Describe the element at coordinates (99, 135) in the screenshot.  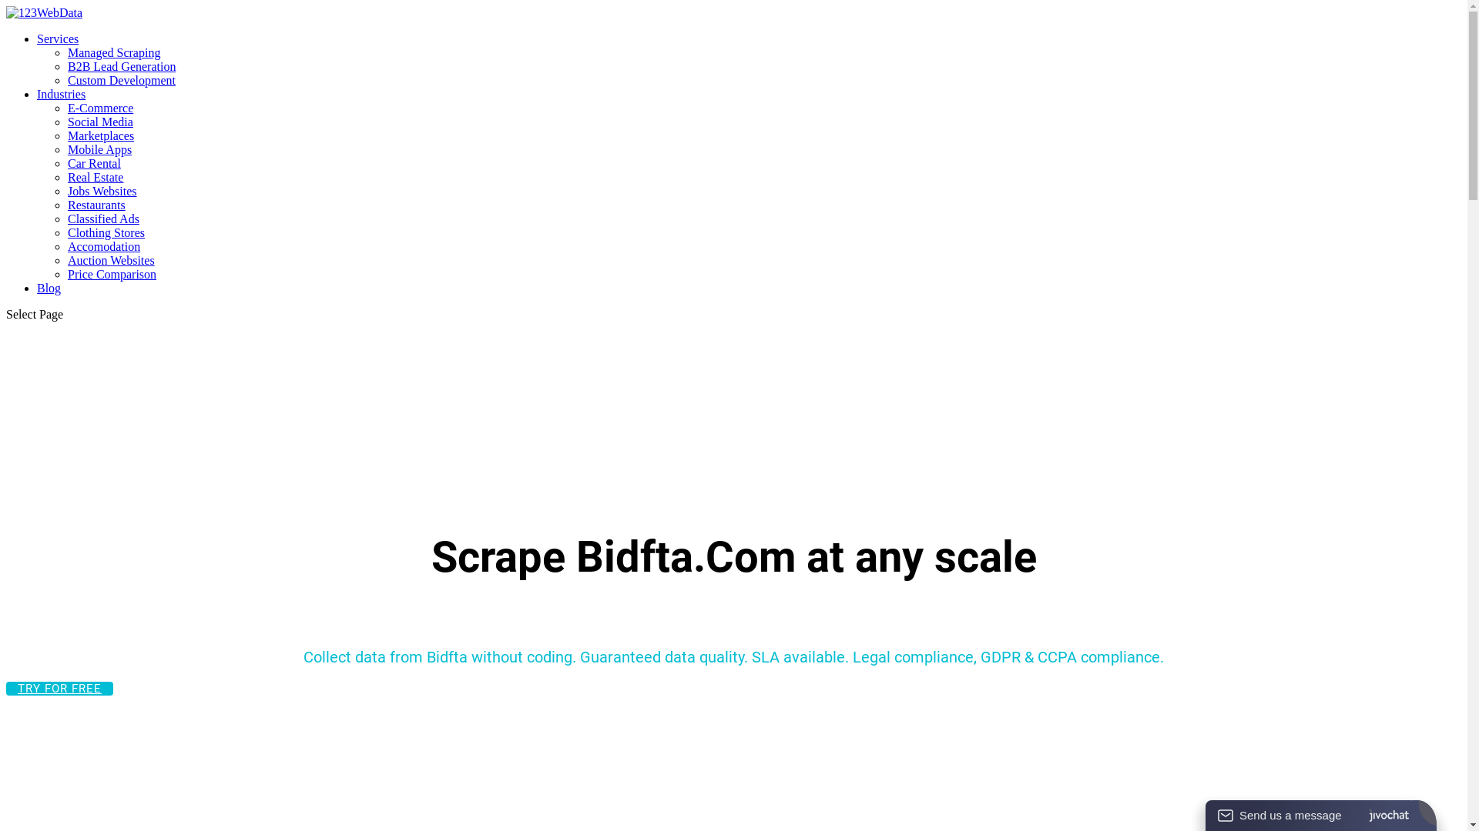
I see `'Marketplaces'` at that location.